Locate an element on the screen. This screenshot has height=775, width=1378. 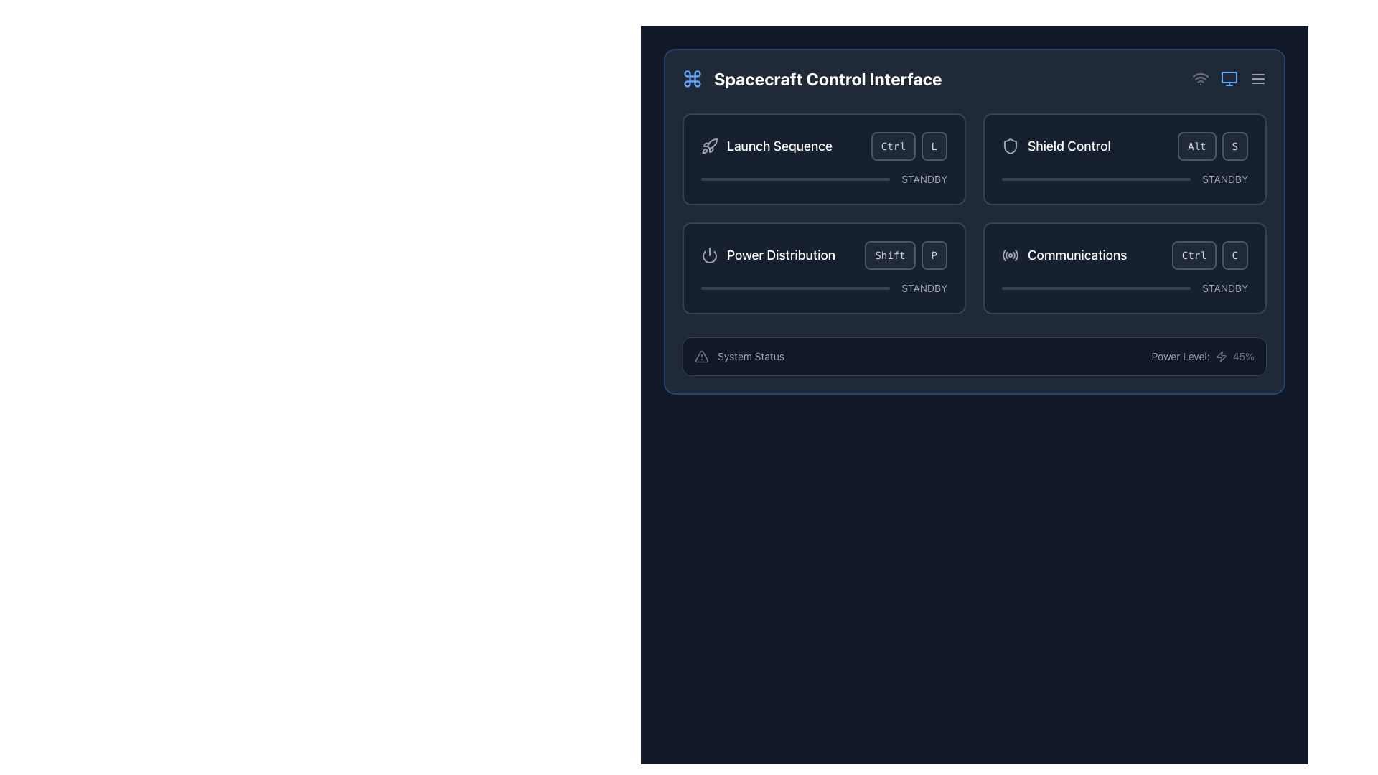
the state of the progress bar labeled 'STANDBY', which is located in the 'Communications' section towards the bottom right, directly left of the 'STANDBY' text is located at coordinates (1124, 288).